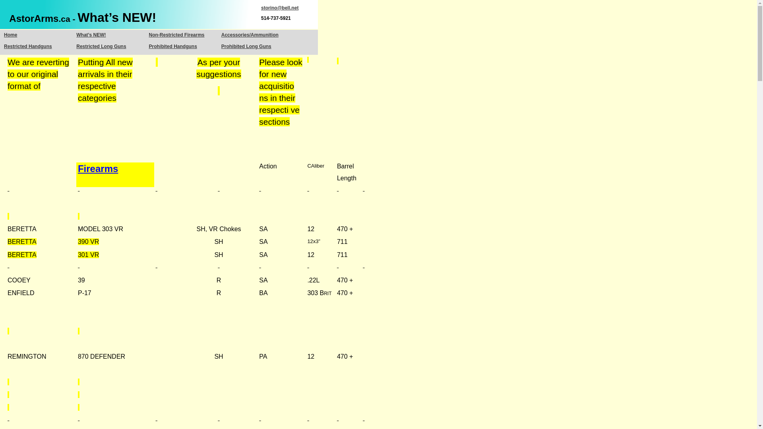  What do you see at coordinates (10, 35) in the screenshot?
I see `'Home'` at bounding box center [10, 35].